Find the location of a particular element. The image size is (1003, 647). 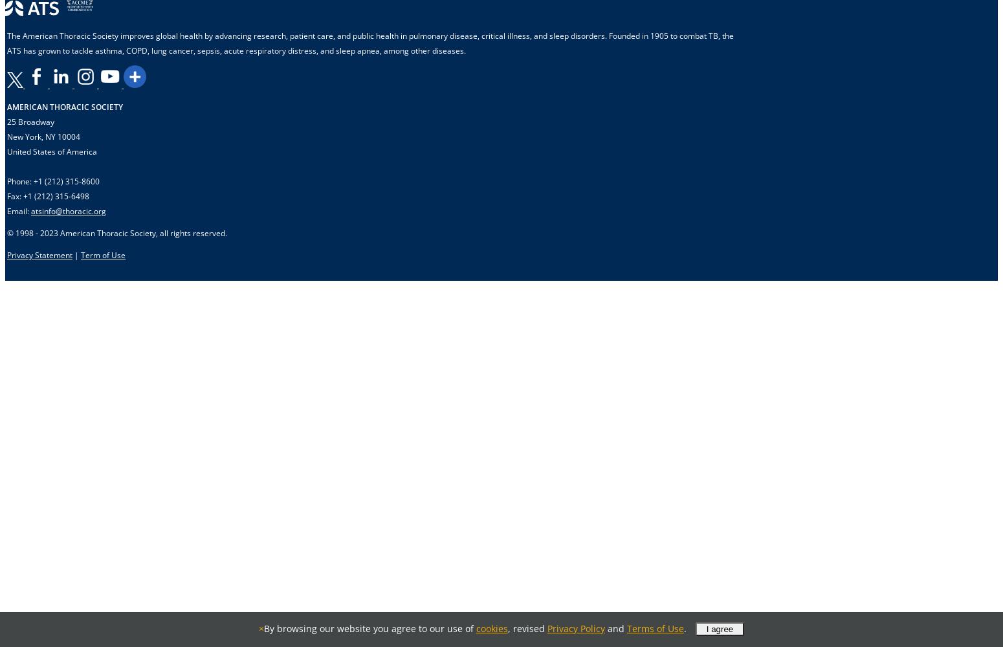

'Term of Use' is located at coordinates (80, 255).